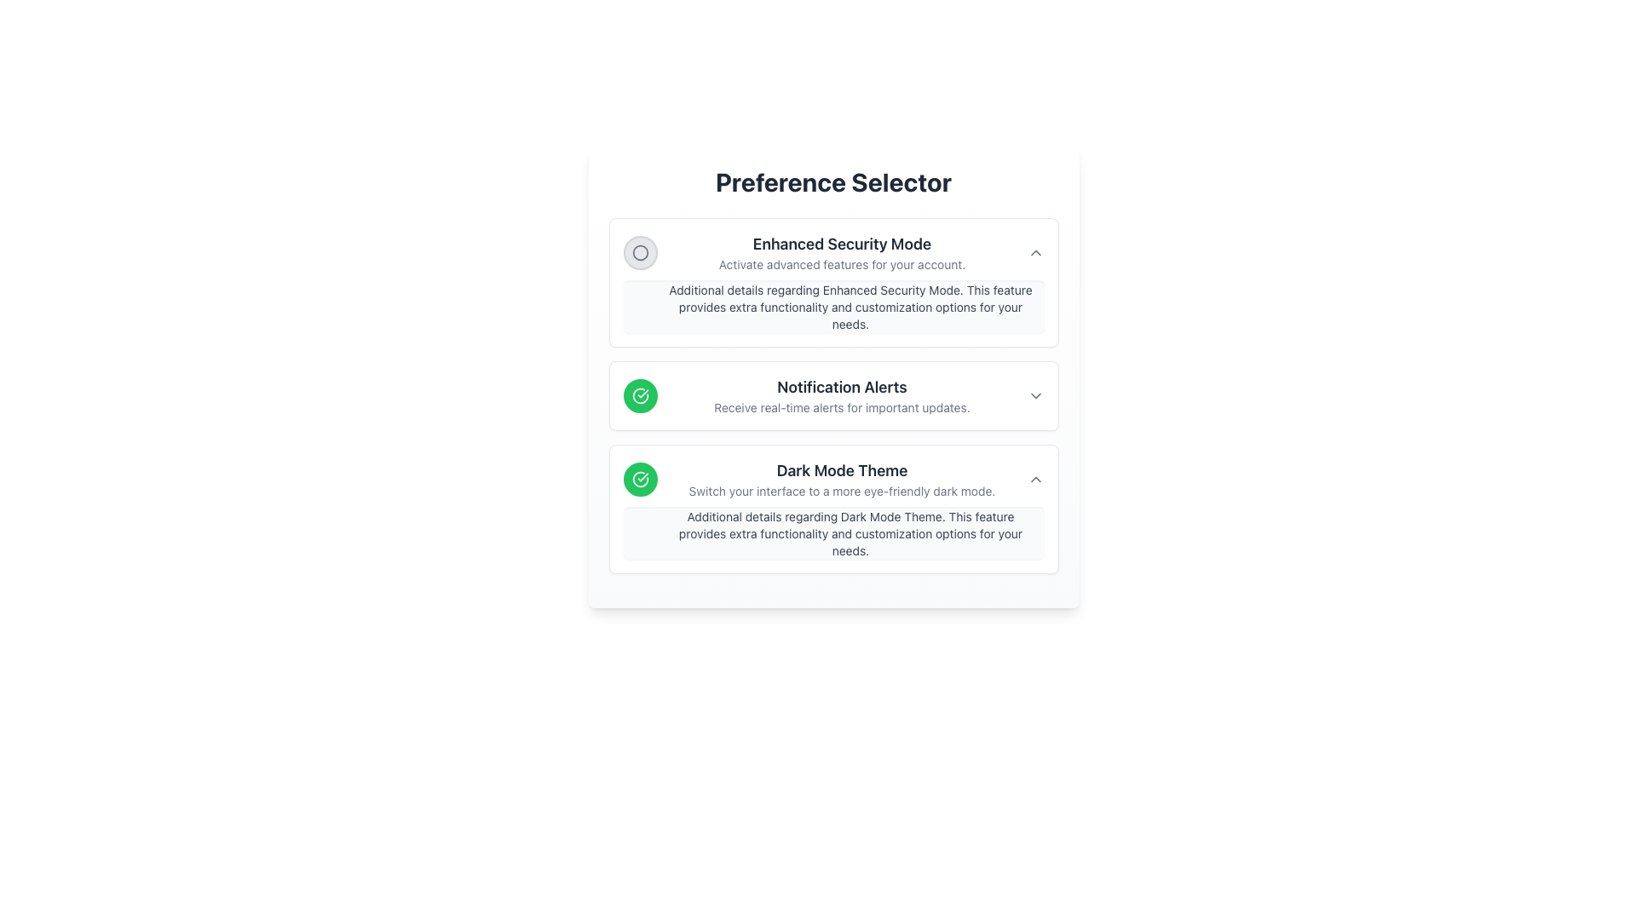 The image size is (1636, 920). Describe the element at coordinates (842, 480) in the screenshot. I see `text element labeled 'Dark Mode Theme' which is located under the 'Notification Alerts' section in the main preference selection interface` at that location.